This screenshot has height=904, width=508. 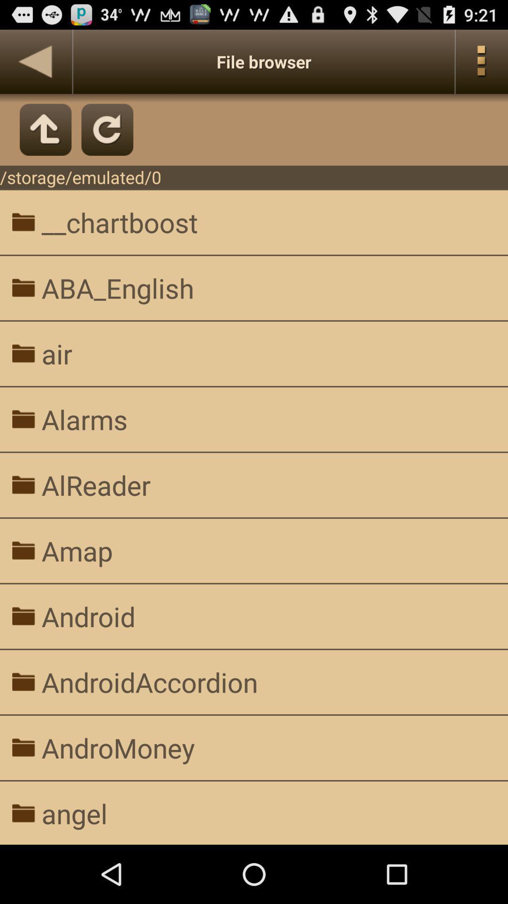 I want to click on the arrow_backward icon, so click(x=35, y=65).